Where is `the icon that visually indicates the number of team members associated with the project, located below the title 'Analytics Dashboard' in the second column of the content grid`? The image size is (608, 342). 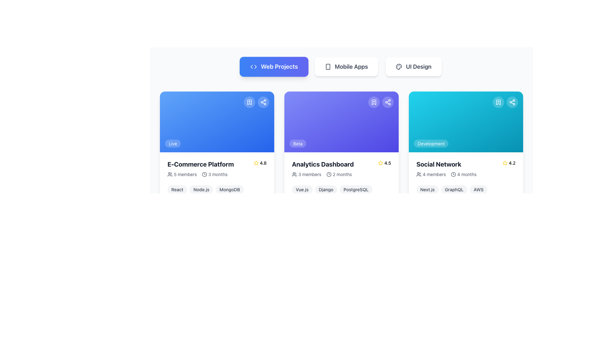 the icon that visually indicates the number of team members associated with the project, located below the title 'Analytics Dashboard' in the second column of the content grid is located at coordinates (294, 174).